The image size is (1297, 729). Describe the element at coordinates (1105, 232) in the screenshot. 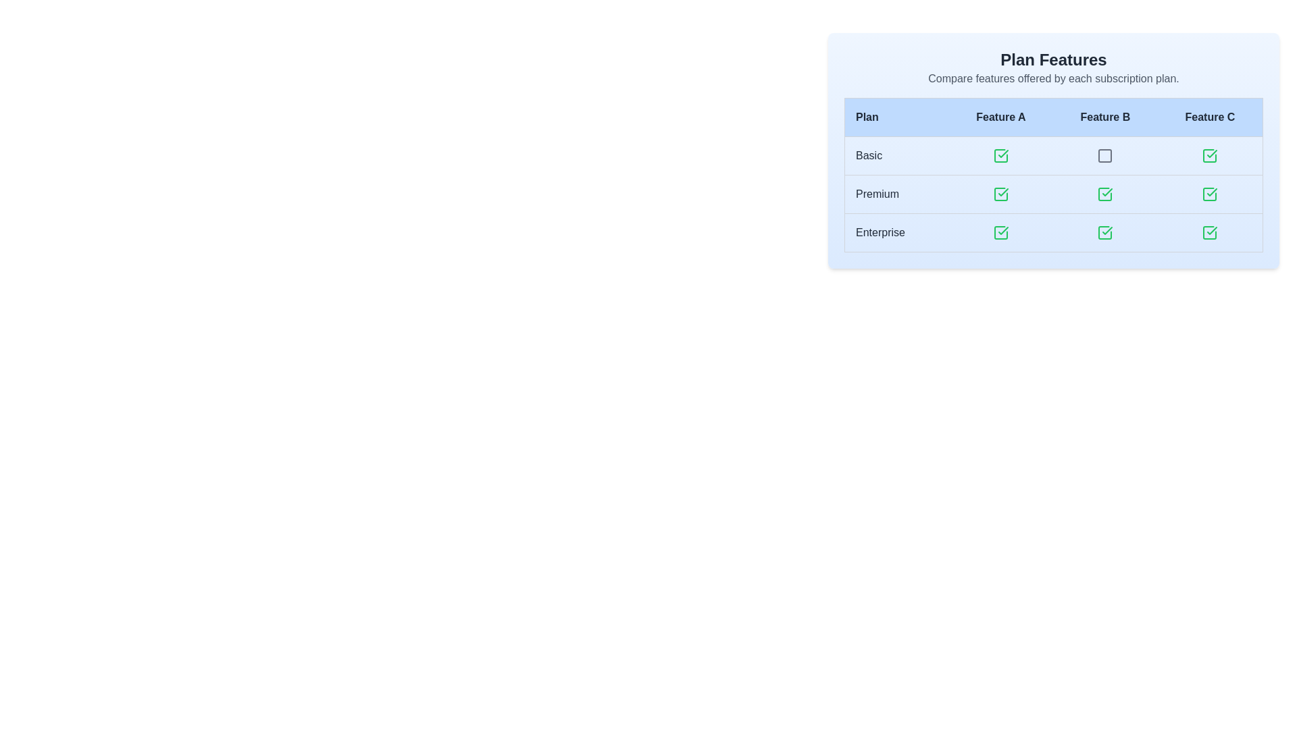

I see `the green checkbox icon located in the second column of the third row of the subscription plan table, which represents 'Feature B' for the 'Enterprise' plan` at that location.